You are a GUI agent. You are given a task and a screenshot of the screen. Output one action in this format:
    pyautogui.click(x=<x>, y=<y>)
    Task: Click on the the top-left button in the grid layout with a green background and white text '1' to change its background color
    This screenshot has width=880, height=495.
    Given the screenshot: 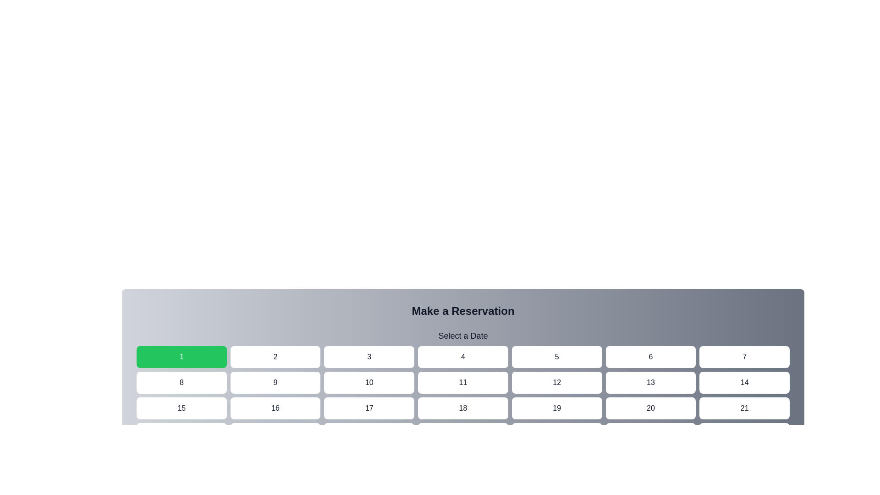 What is the action you would take?
    pyautogui.click(x=181, y=357)
    